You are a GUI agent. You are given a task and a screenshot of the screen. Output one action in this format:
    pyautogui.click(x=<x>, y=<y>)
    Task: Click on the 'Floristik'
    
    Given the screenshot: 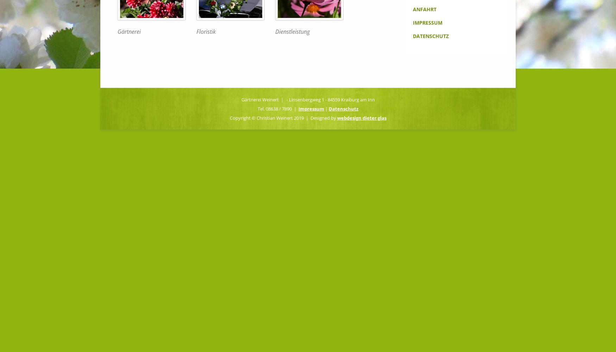 What is the action you would take?
    pyautogui.click(x=206, y=31)
    